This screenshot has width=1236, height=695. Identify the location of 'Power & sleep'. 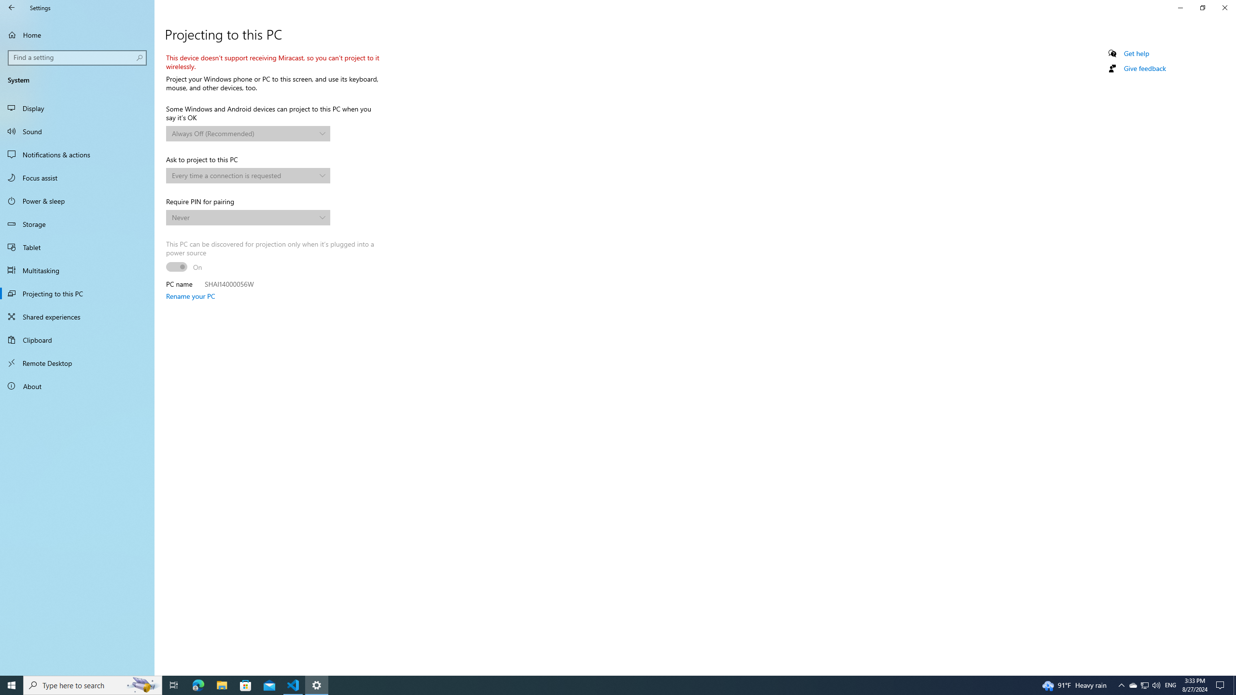
(77, 200).